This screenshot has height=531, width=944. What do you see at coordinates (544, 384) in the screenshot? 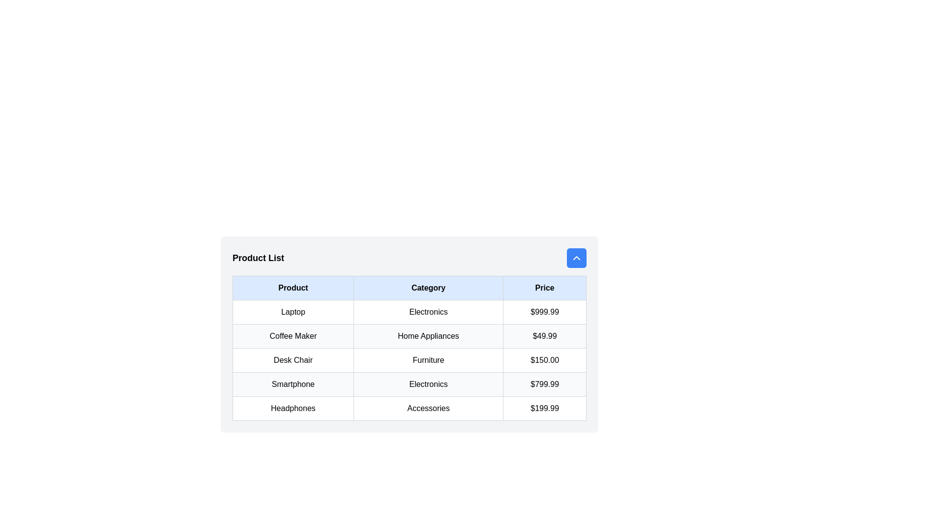
I see `the static text label displaying the price value '$799.99' in the 'Price' column of the fourth row for the 'Smartphone' product` at bounding box center [544, 384].